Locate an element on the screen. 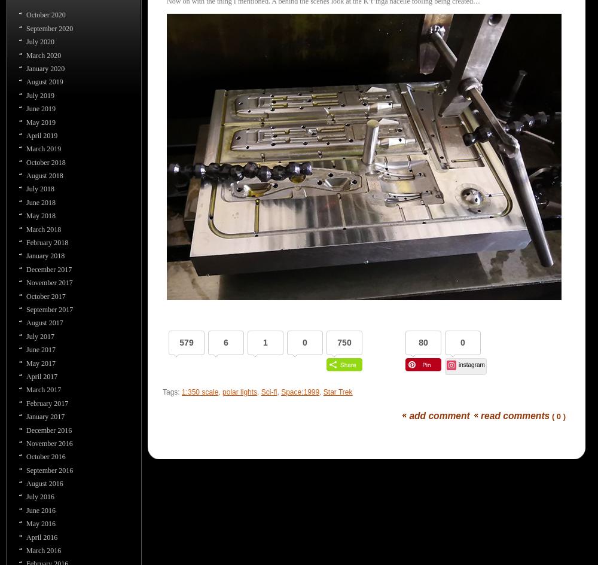 This screenshot has width=598, height=565. 'add comment' is located at coordinates (409, 415).